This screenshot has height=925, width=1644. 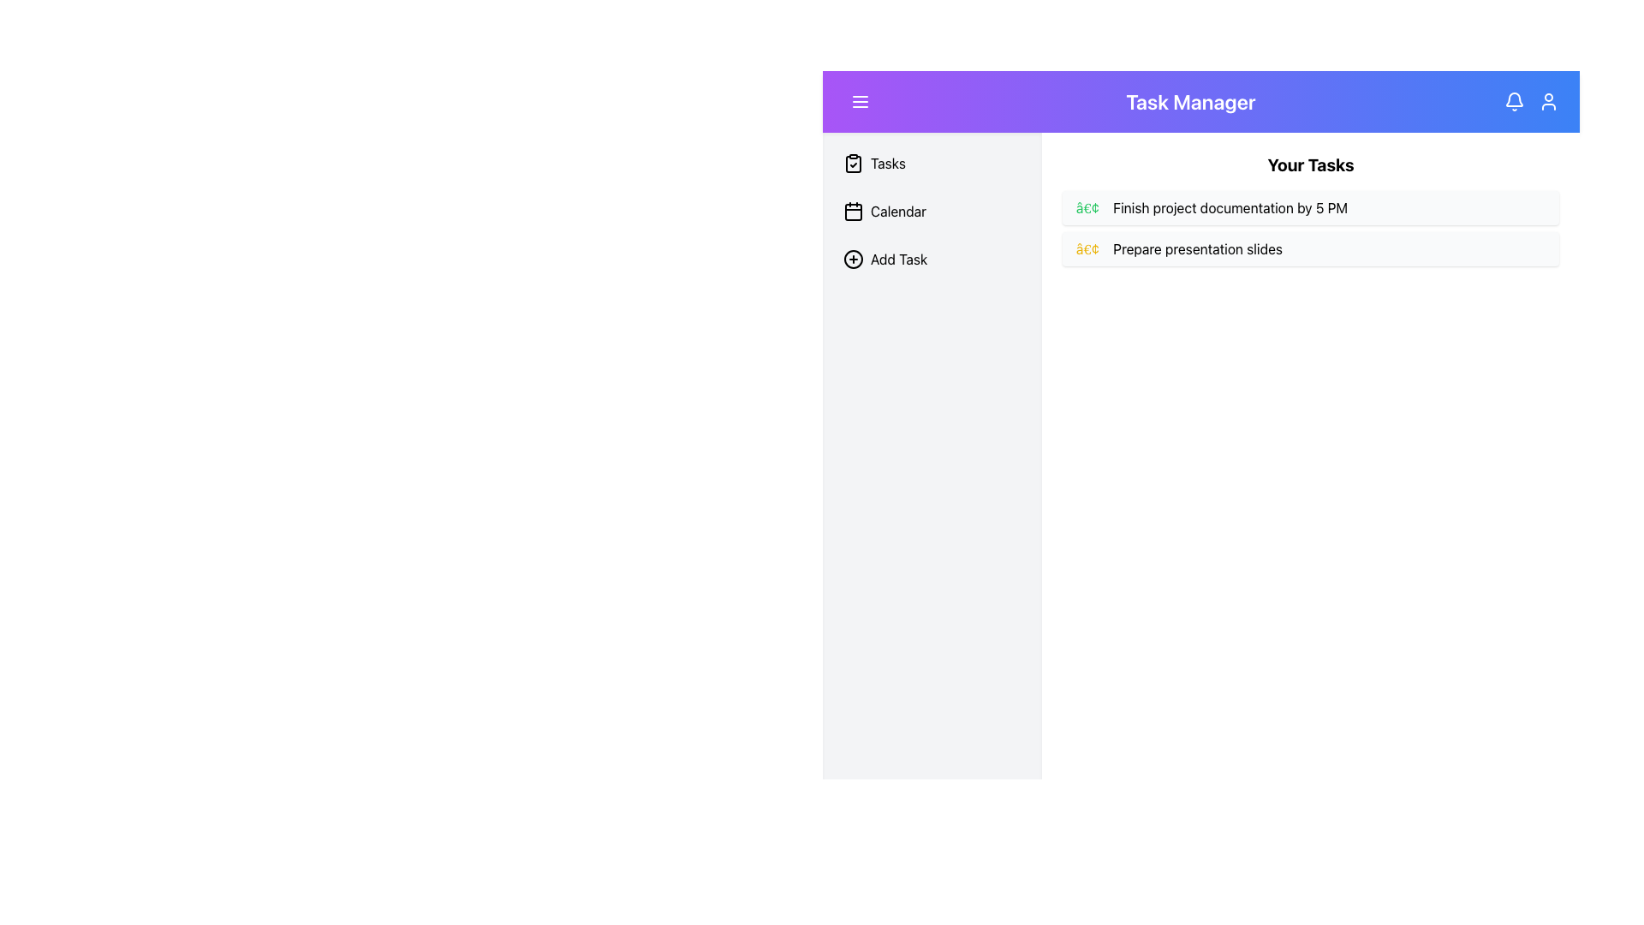 I want to click on the notification bell icon located at the top right corner of the navigation bar, so click(x=1515, y=102).